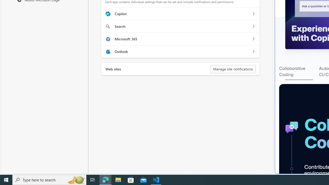 The height and width of the screenshot is (185, 329). What do you see at coordinates (76, 179) in the screenshot?
I see `'Search highlights icon opens search home window'` at bounding box center [76, 179].